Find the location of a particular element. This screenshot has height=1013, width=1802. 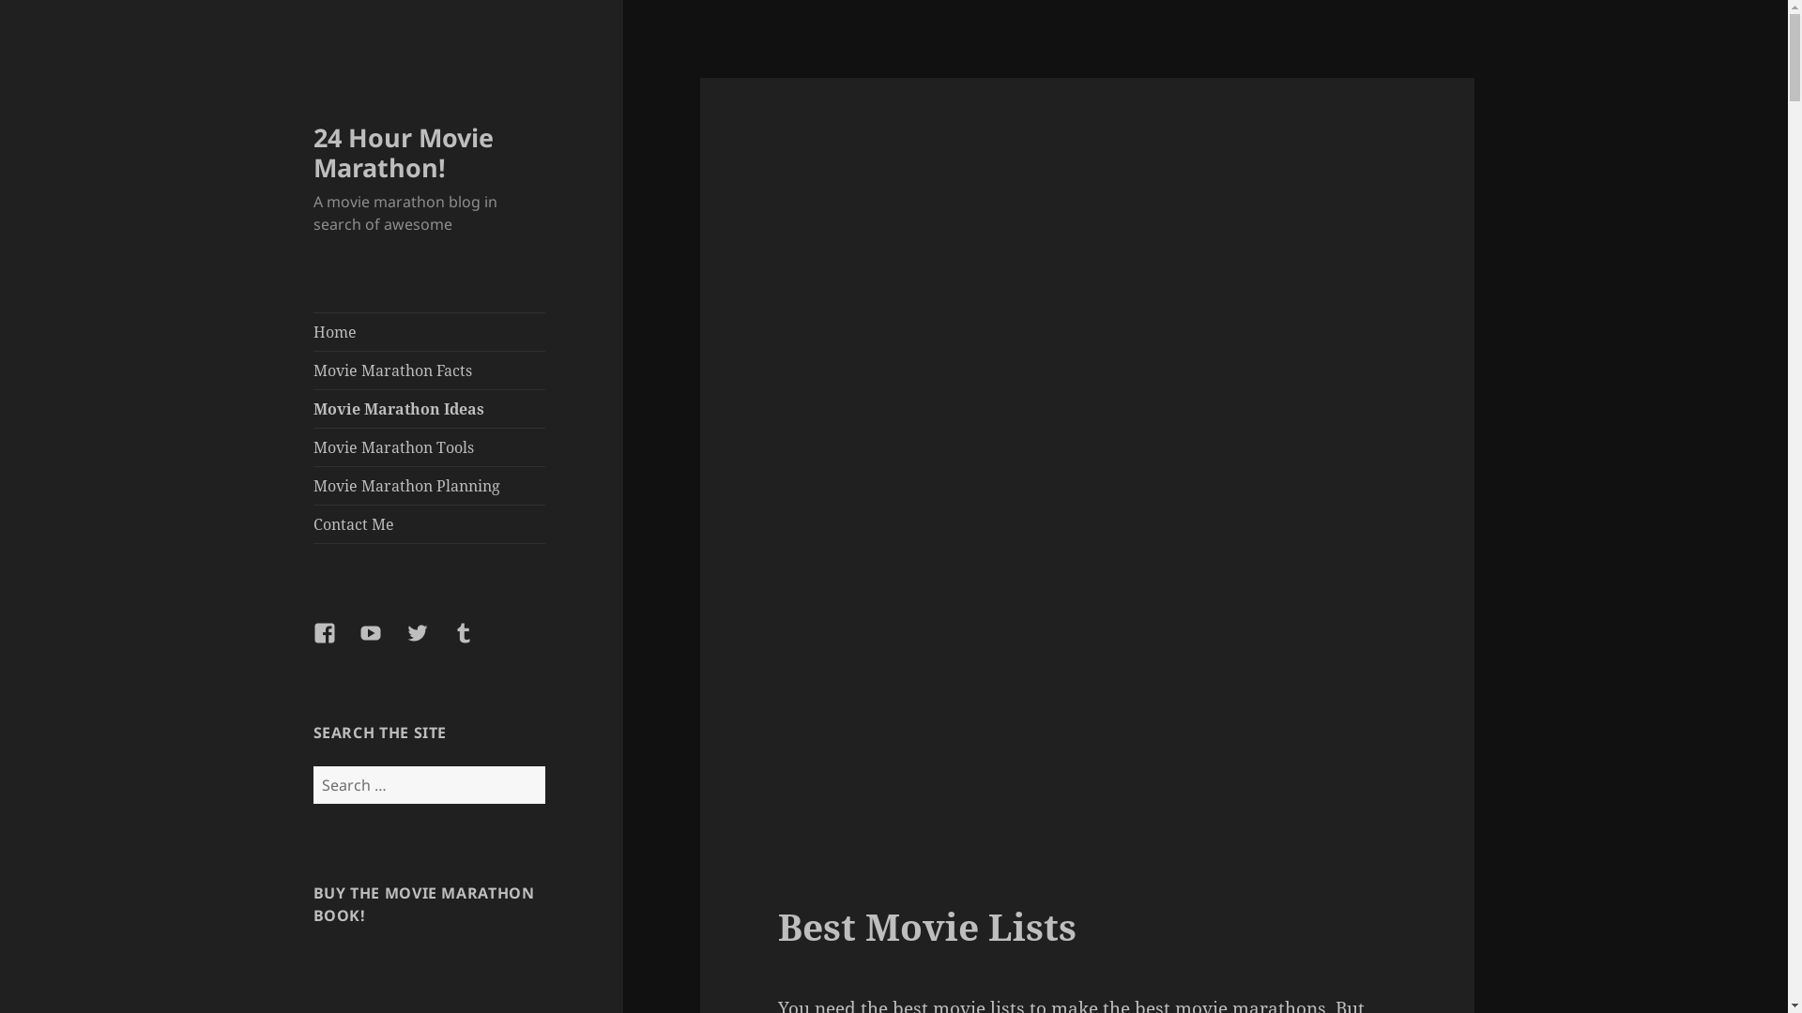

'Search' is located at coordinates (543, 765).